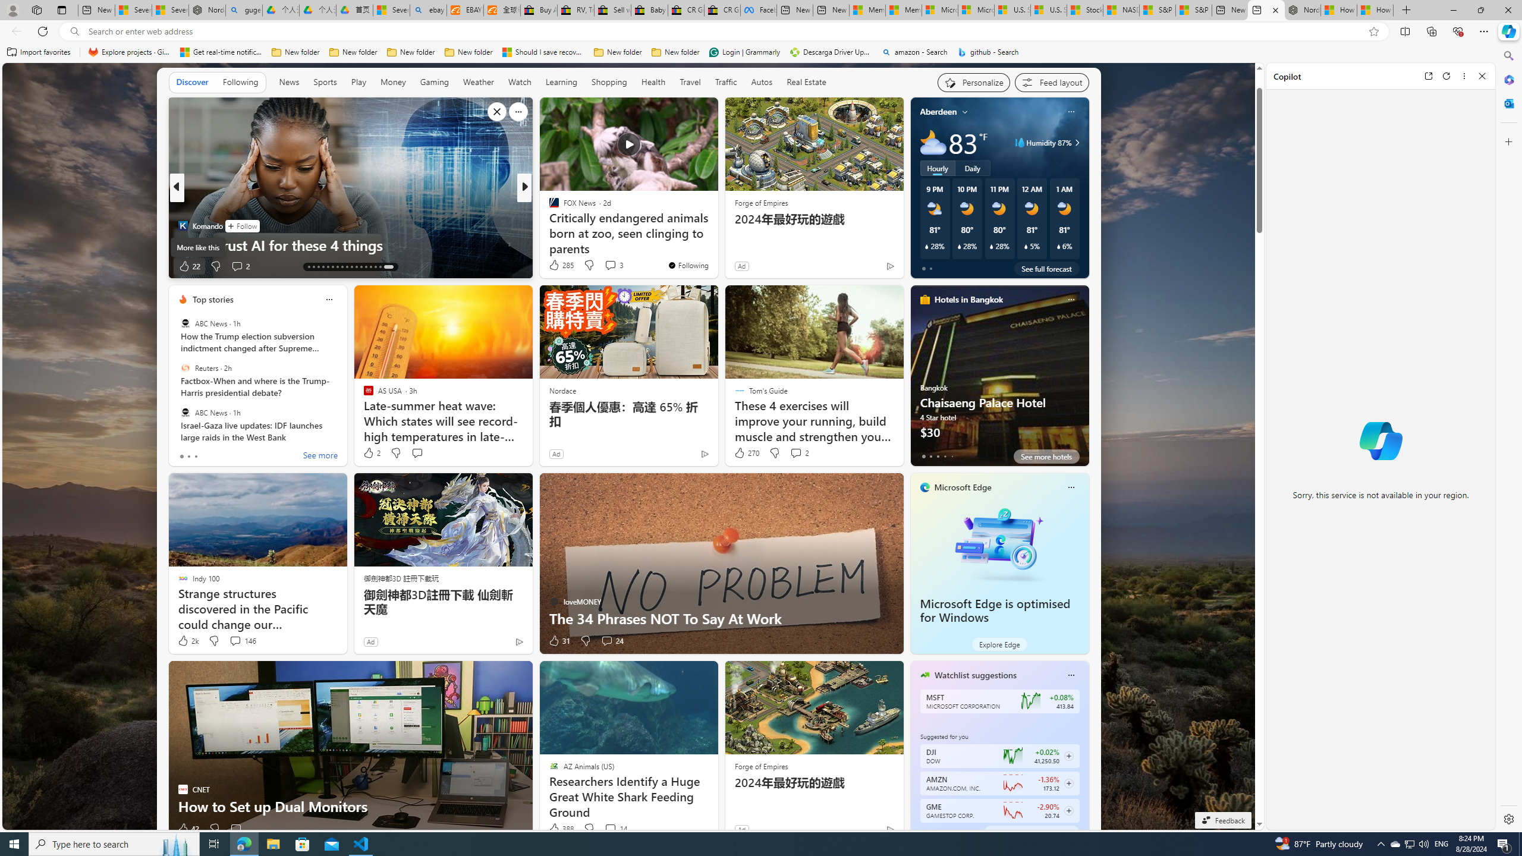 Image resolution: width=1522 pixels, height=856 pixels. I want to click on 'Microsoft Edge is optimised for Windows', so click(995, 610).